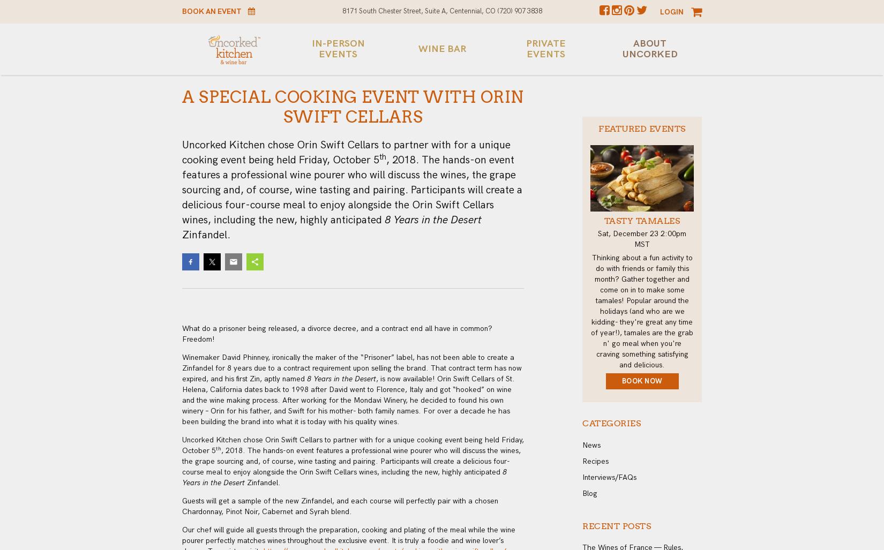  Describe the element at coordinates (441, 48) in the screenshot. I see `'Wine Bar'` at that location.